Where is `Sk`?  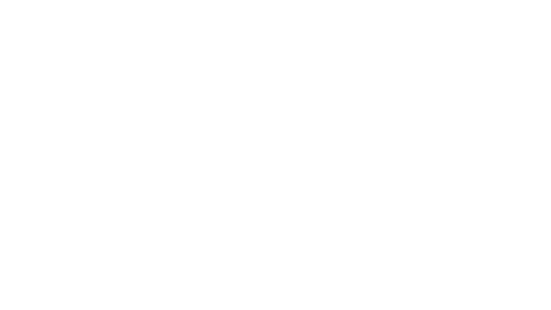
Sk is located at coordinates (499, 14).